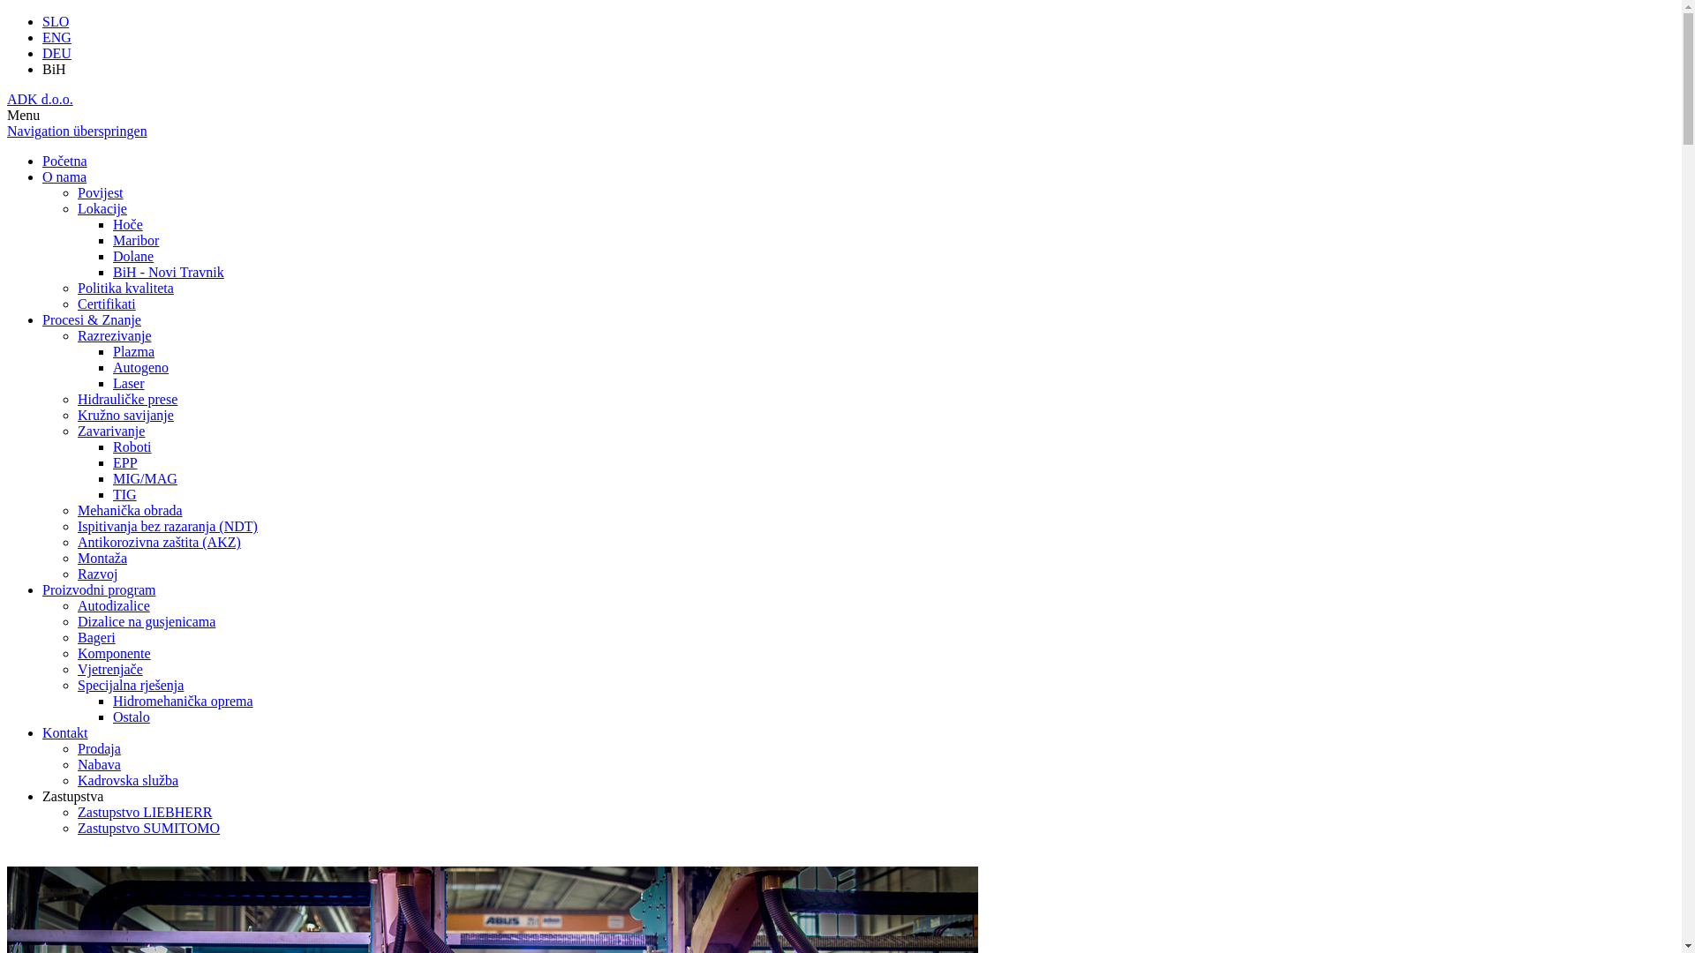 Image resolution: width=1695 pixels, height=953 pixels. Describe the element at coordinates (113, 604) in the screenshot. I see `'Autodizalice'` at that location.